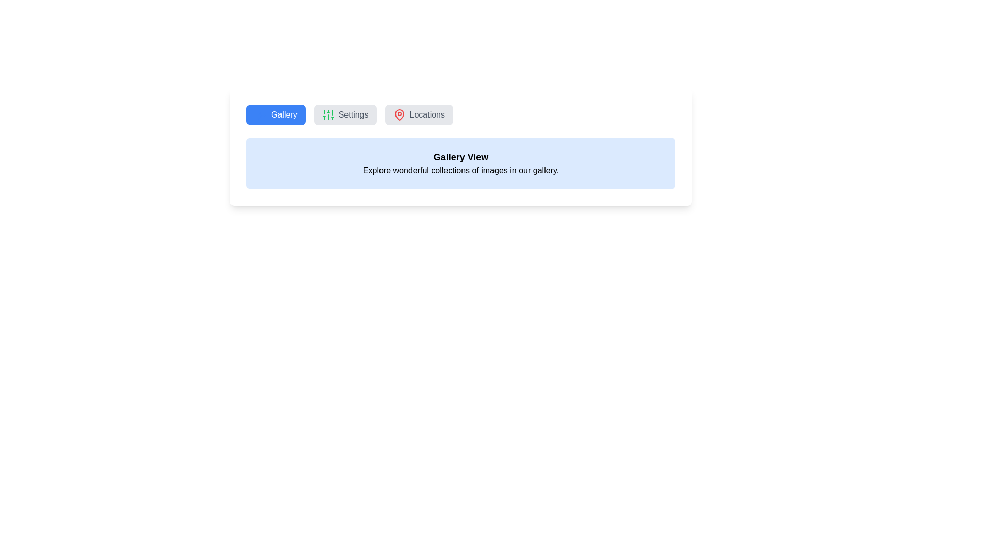 The width and height of the screenshot is (990, 557). Describe the element at coordinates (344, 115) in the screenshot. I see `the tab Settings to observe its hover effect` at that location.